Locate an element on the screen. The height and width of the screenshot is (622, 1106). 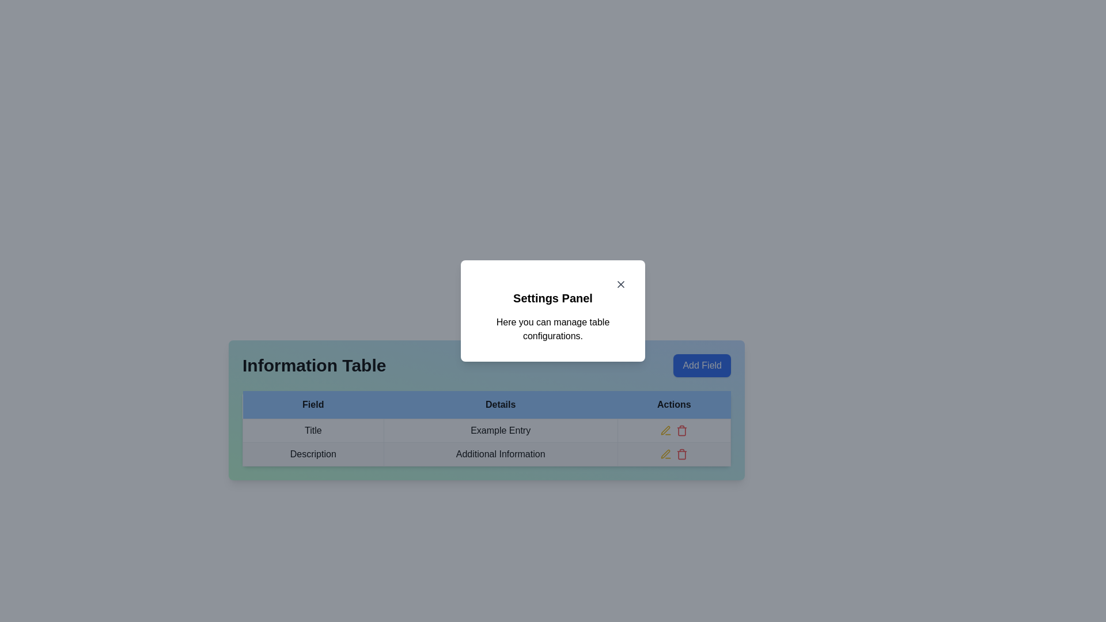
the blue labeled tab 'Field' located at the top-left corner of the horizontal group of tabs in the 'Information Table' is located at coordinates (313, 404).